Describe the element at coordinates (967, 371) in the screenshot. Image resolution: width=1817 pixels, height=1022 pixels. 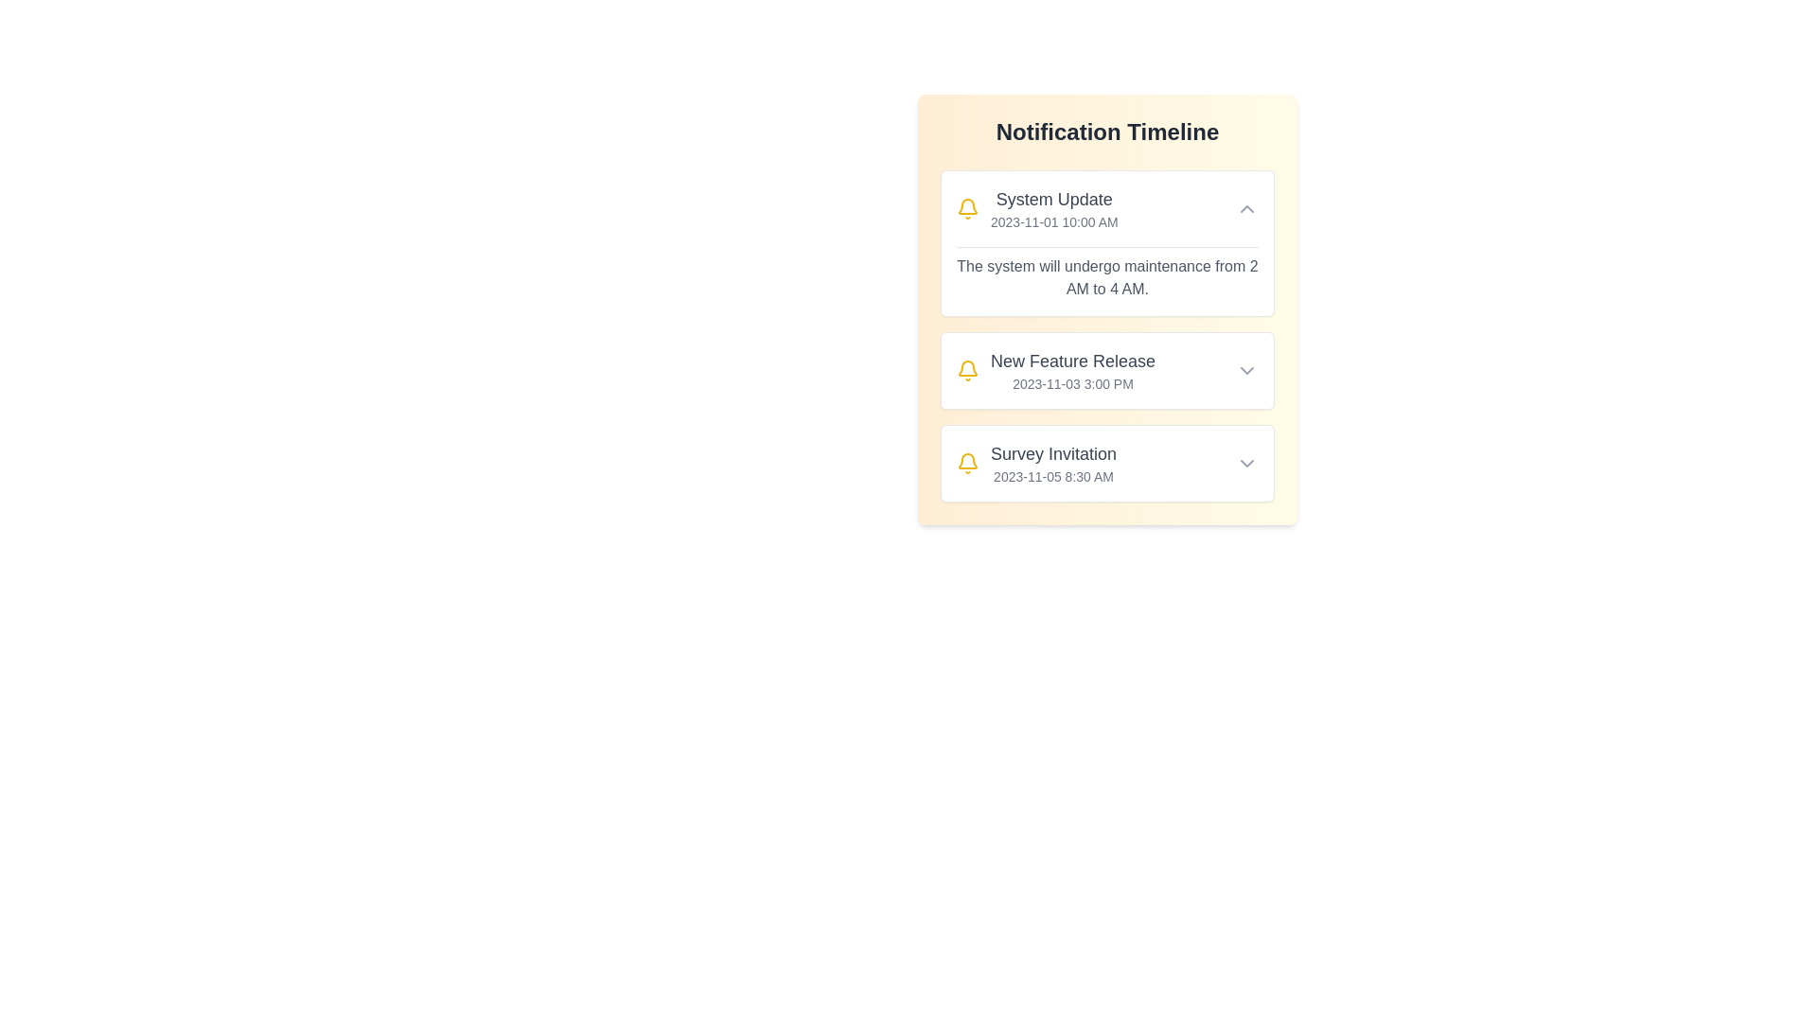
I see `the notification icon indicating the 'New Feature Release' entry in the 'Notification Timeline' list` at that location.